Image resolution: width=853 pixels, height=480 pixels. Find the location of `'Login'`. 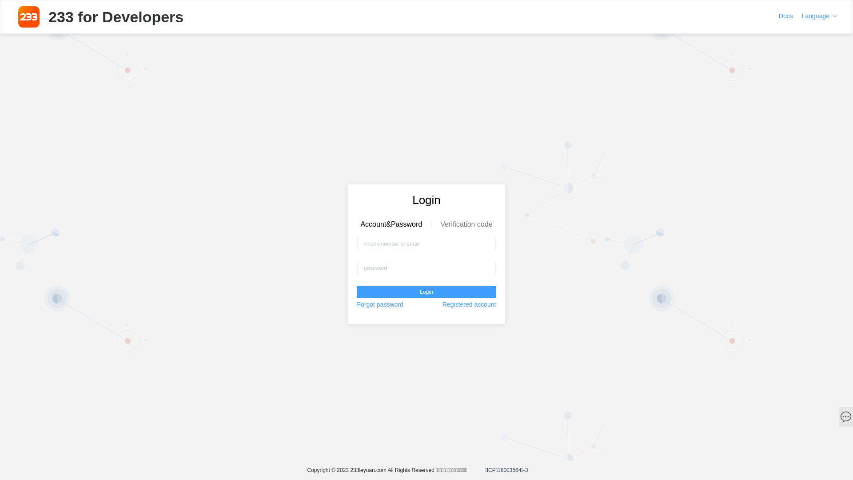

'Login' is located at coordinates (357, 292).